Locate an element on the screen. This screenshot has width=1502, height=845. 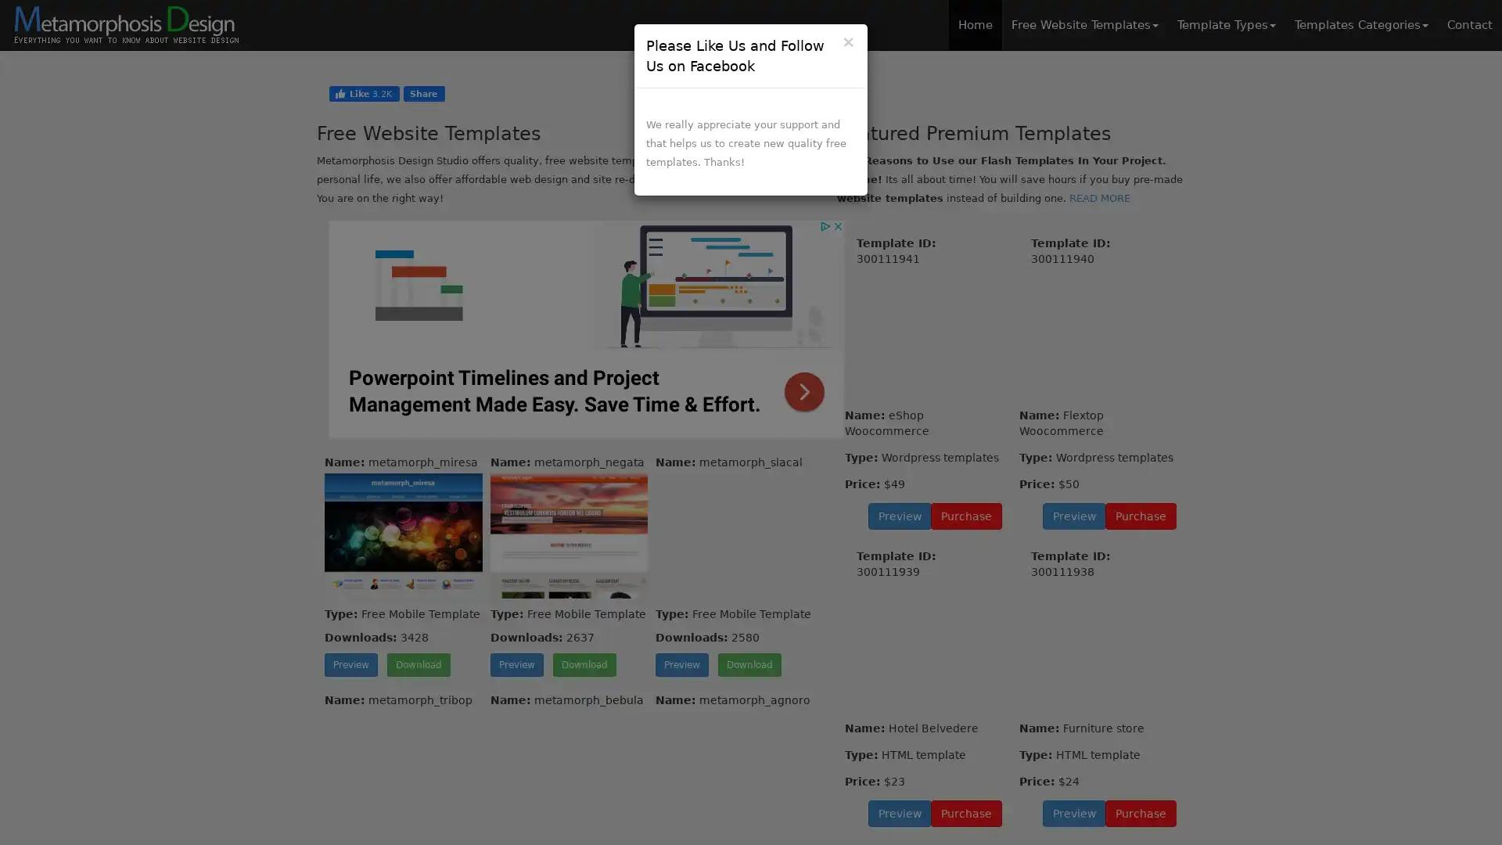
Preview is located at coordinates (1073, 516).